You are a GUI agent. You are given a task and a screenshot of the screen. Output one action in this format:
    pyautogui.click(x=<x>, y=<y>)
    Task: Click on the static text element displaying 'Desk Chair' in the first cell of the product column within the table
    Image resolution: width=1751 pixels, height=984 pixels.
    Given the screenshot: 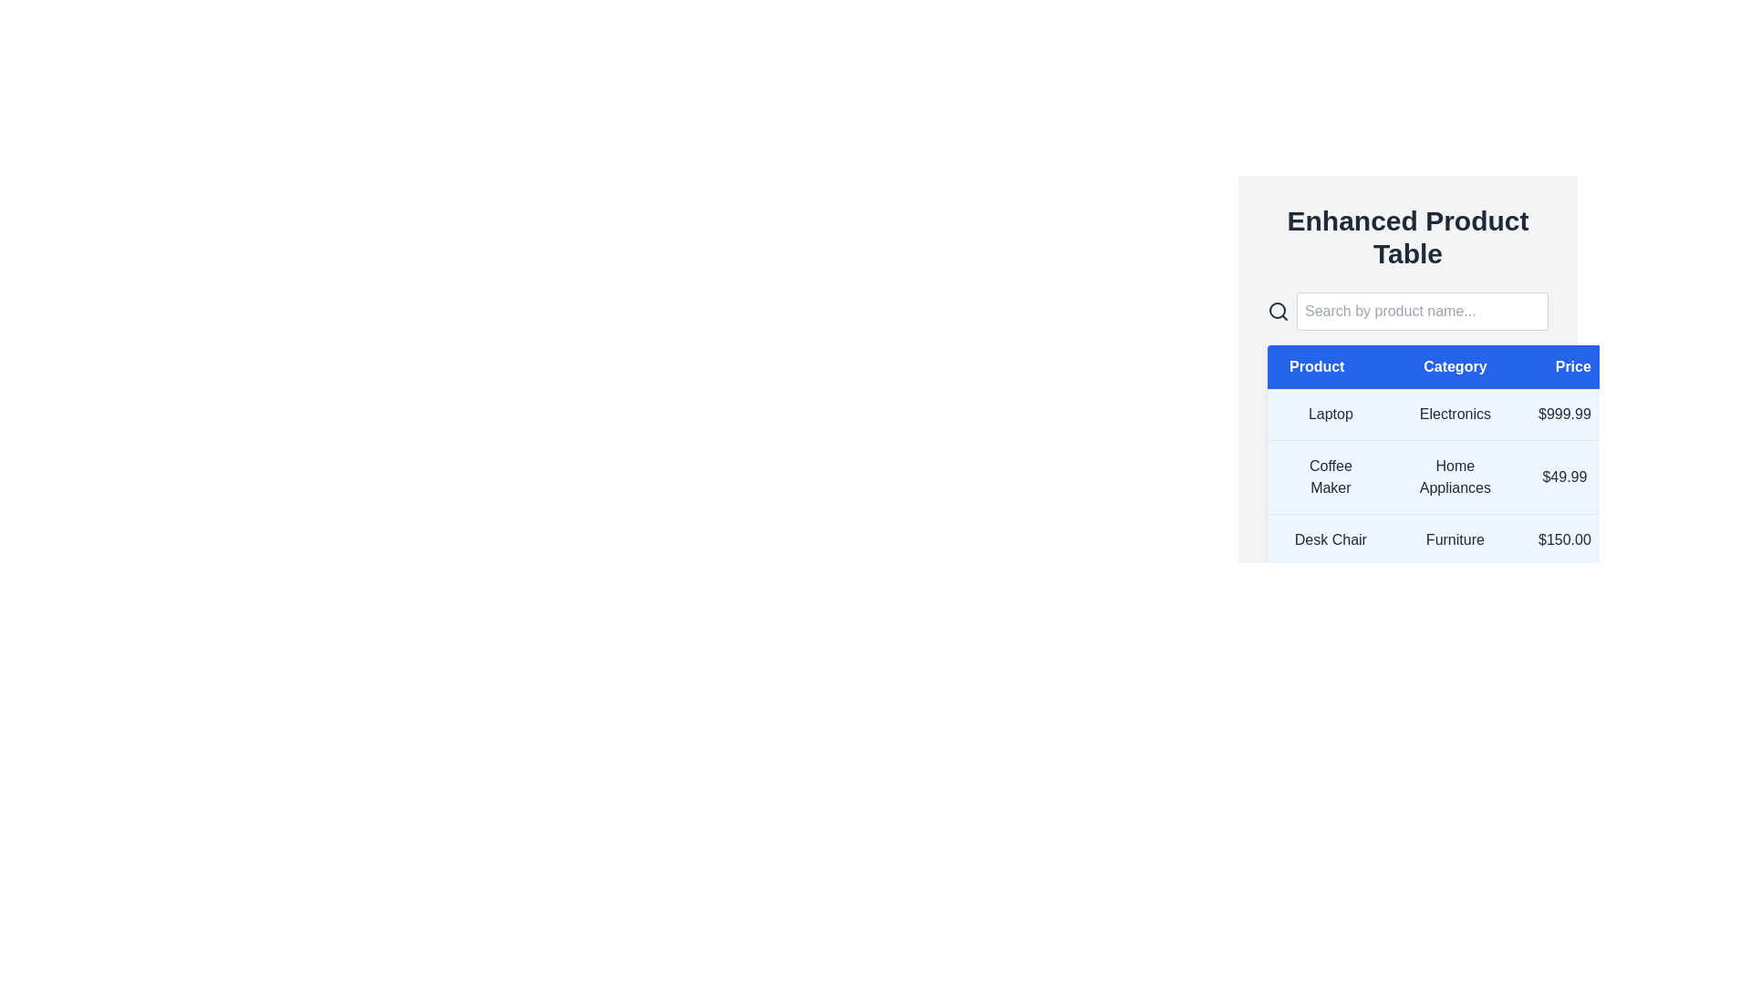 What is the action you would take?
    pyautogui.click(x=1331, y=539)
    